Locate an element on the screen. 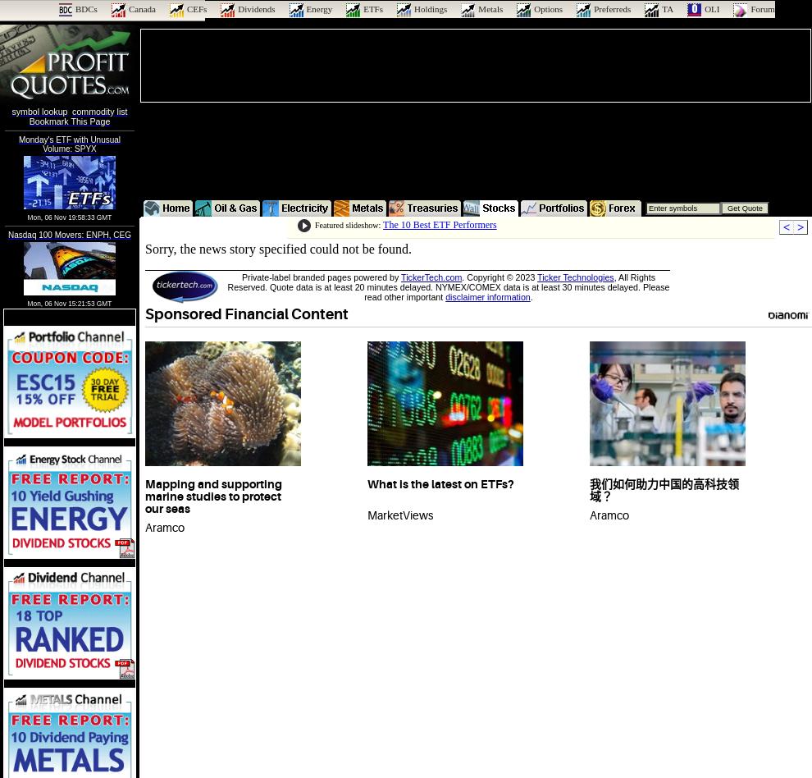 The image size is (812, 778). 'Bookmark This Page' is located at coordinates (69, 120).